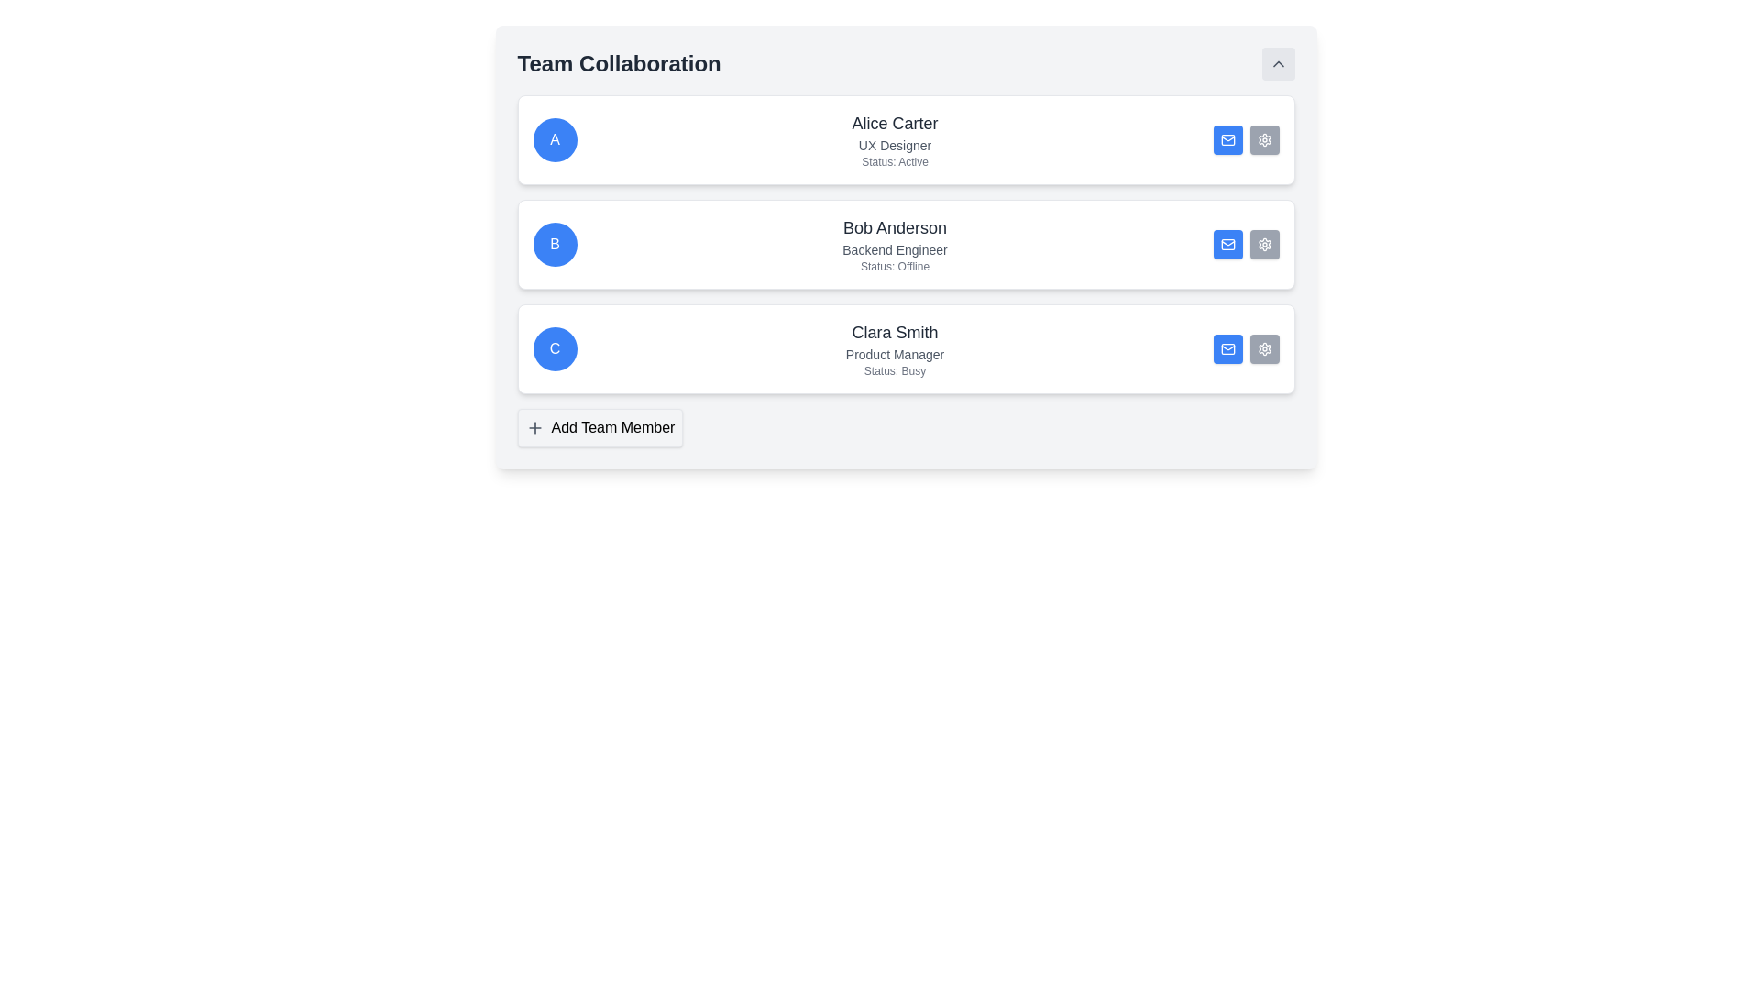 Image resolution: width=1760 pixels, height=990 pixels. Describe the element at coordinates (1263, 349) in the screenshot. I see `the settings button with a gear icon located on the far right side of Clara Smith's row in the team collaboration interface` at that location.